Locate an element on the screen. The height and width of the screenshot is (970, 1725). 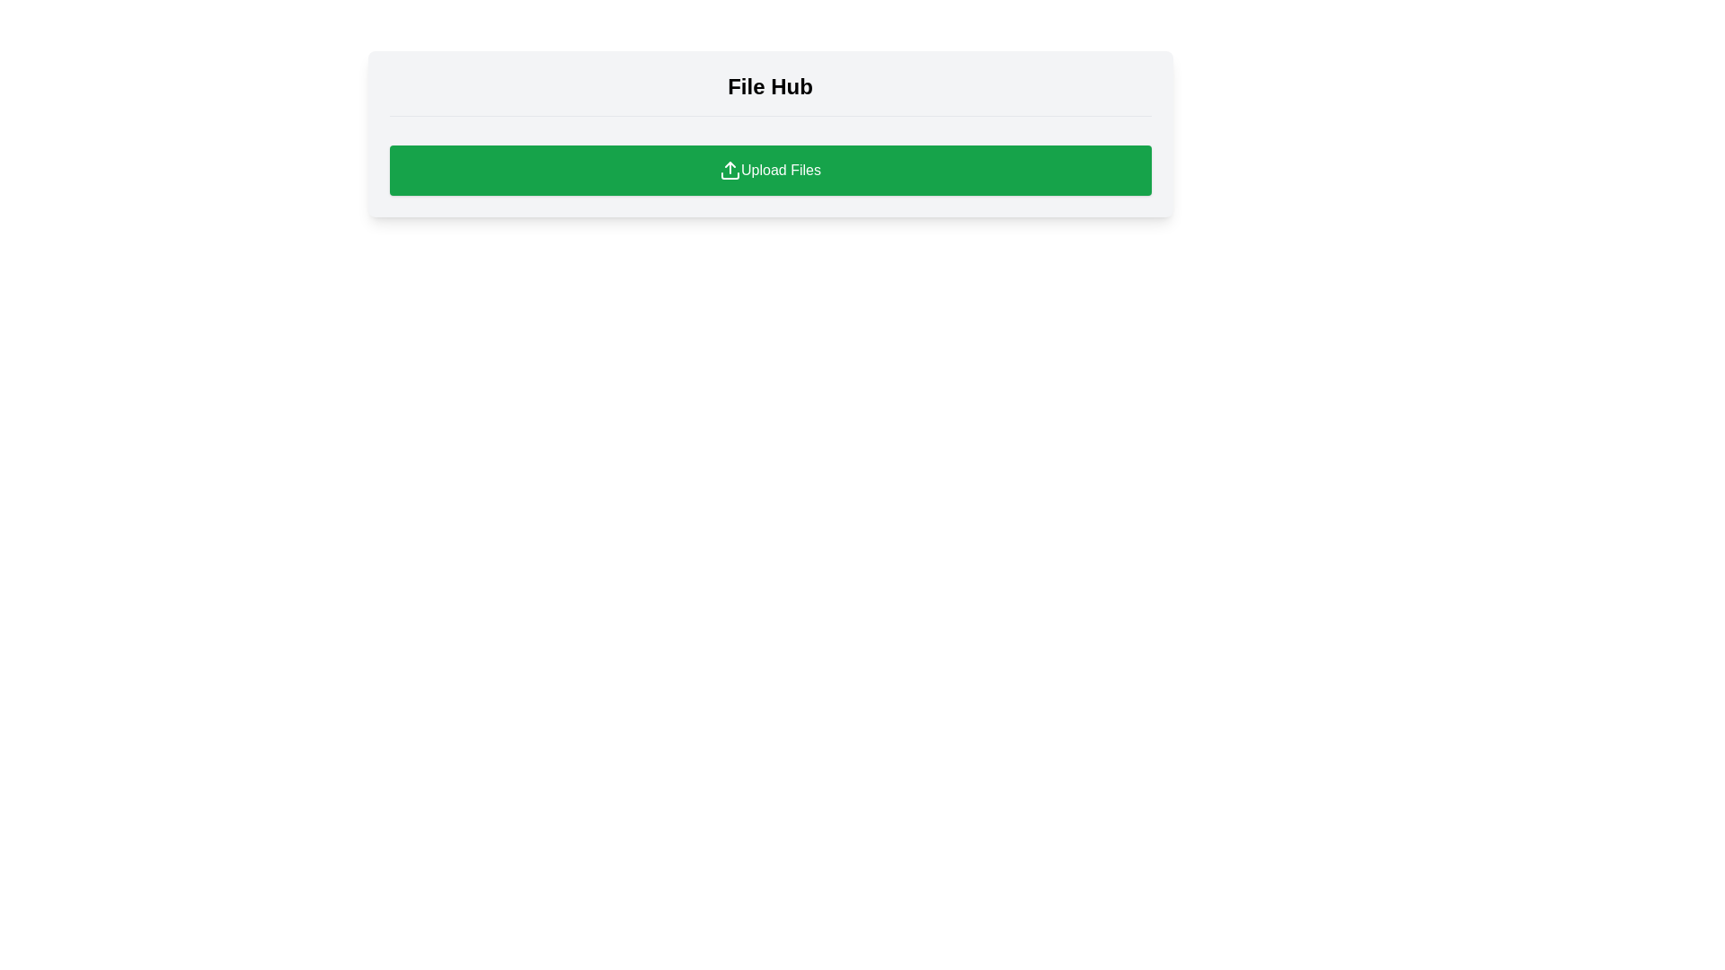
the green button labeled 'Upload Files' with an upload icon to initiate the file upload process is located at coordinates (770, 170).